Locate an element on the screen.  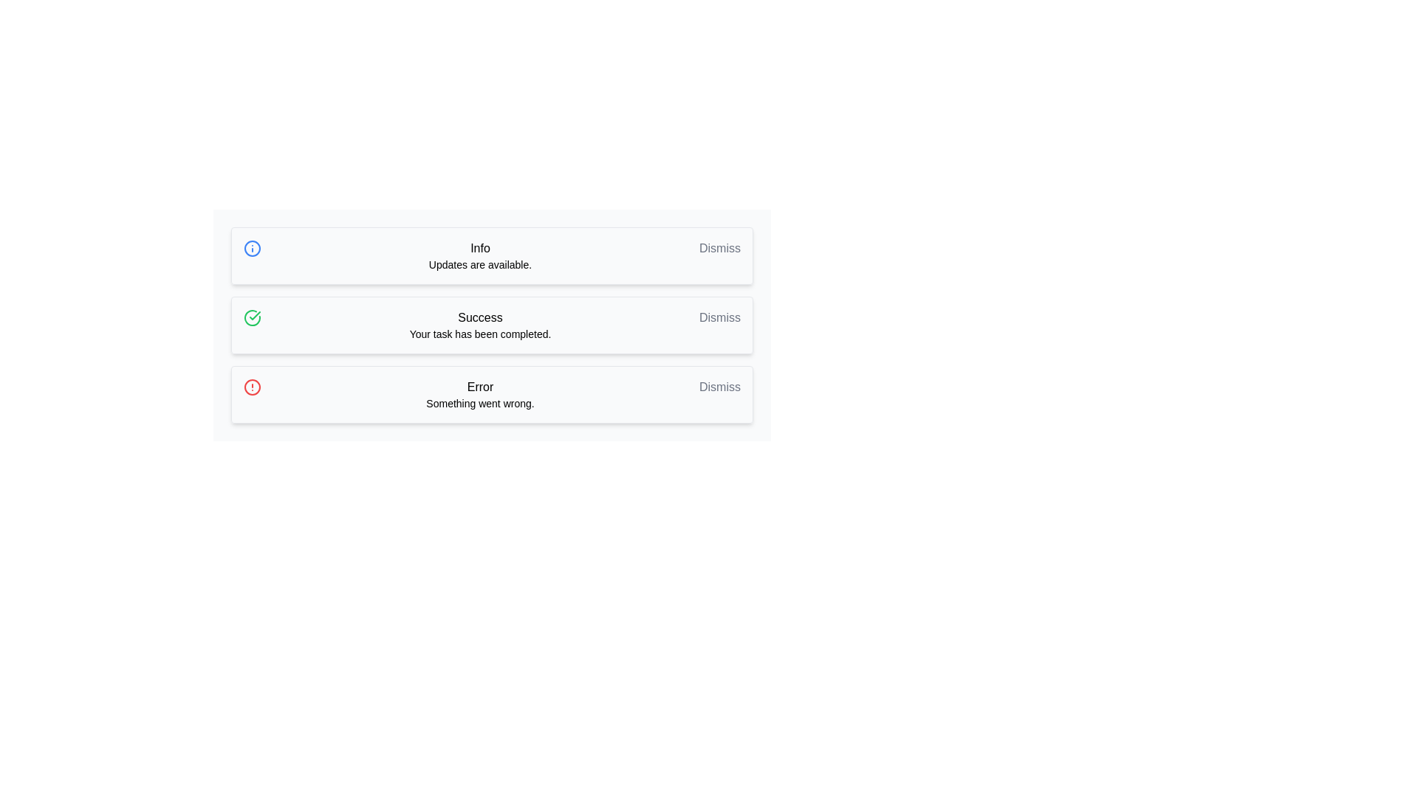
the second notification card in the stack, which communicates a successful task completion and contains a 'Dismiss' link is located at coordinates (492, 324).